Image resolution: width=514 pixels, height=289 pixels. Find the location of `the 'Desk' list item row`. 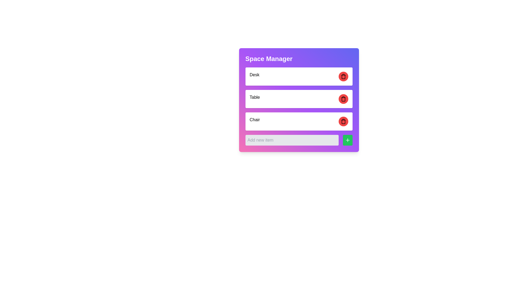

the 'Desk' list item row is located at coordinates (298, 76).